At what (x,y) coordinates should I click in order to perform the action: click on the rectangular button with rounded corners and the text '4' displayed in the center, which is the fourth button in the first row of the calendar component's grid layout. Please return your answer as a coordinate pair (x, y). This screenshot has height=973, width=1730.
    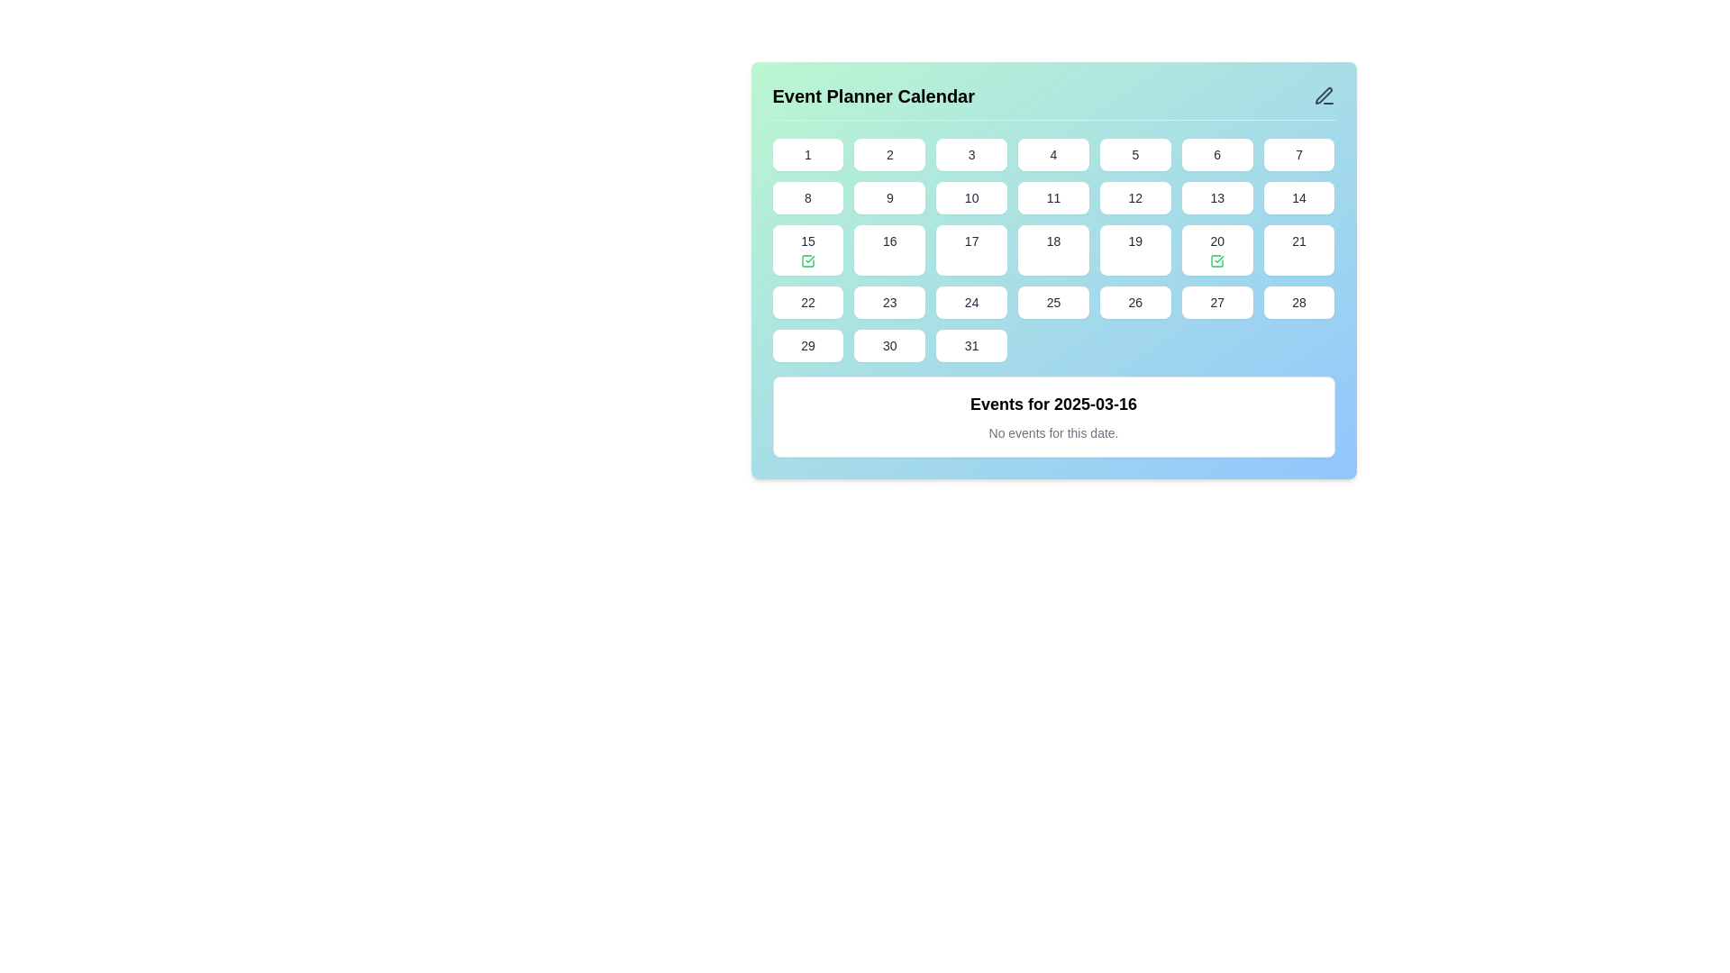
    Looking at the image, I should click on (1053, 154).